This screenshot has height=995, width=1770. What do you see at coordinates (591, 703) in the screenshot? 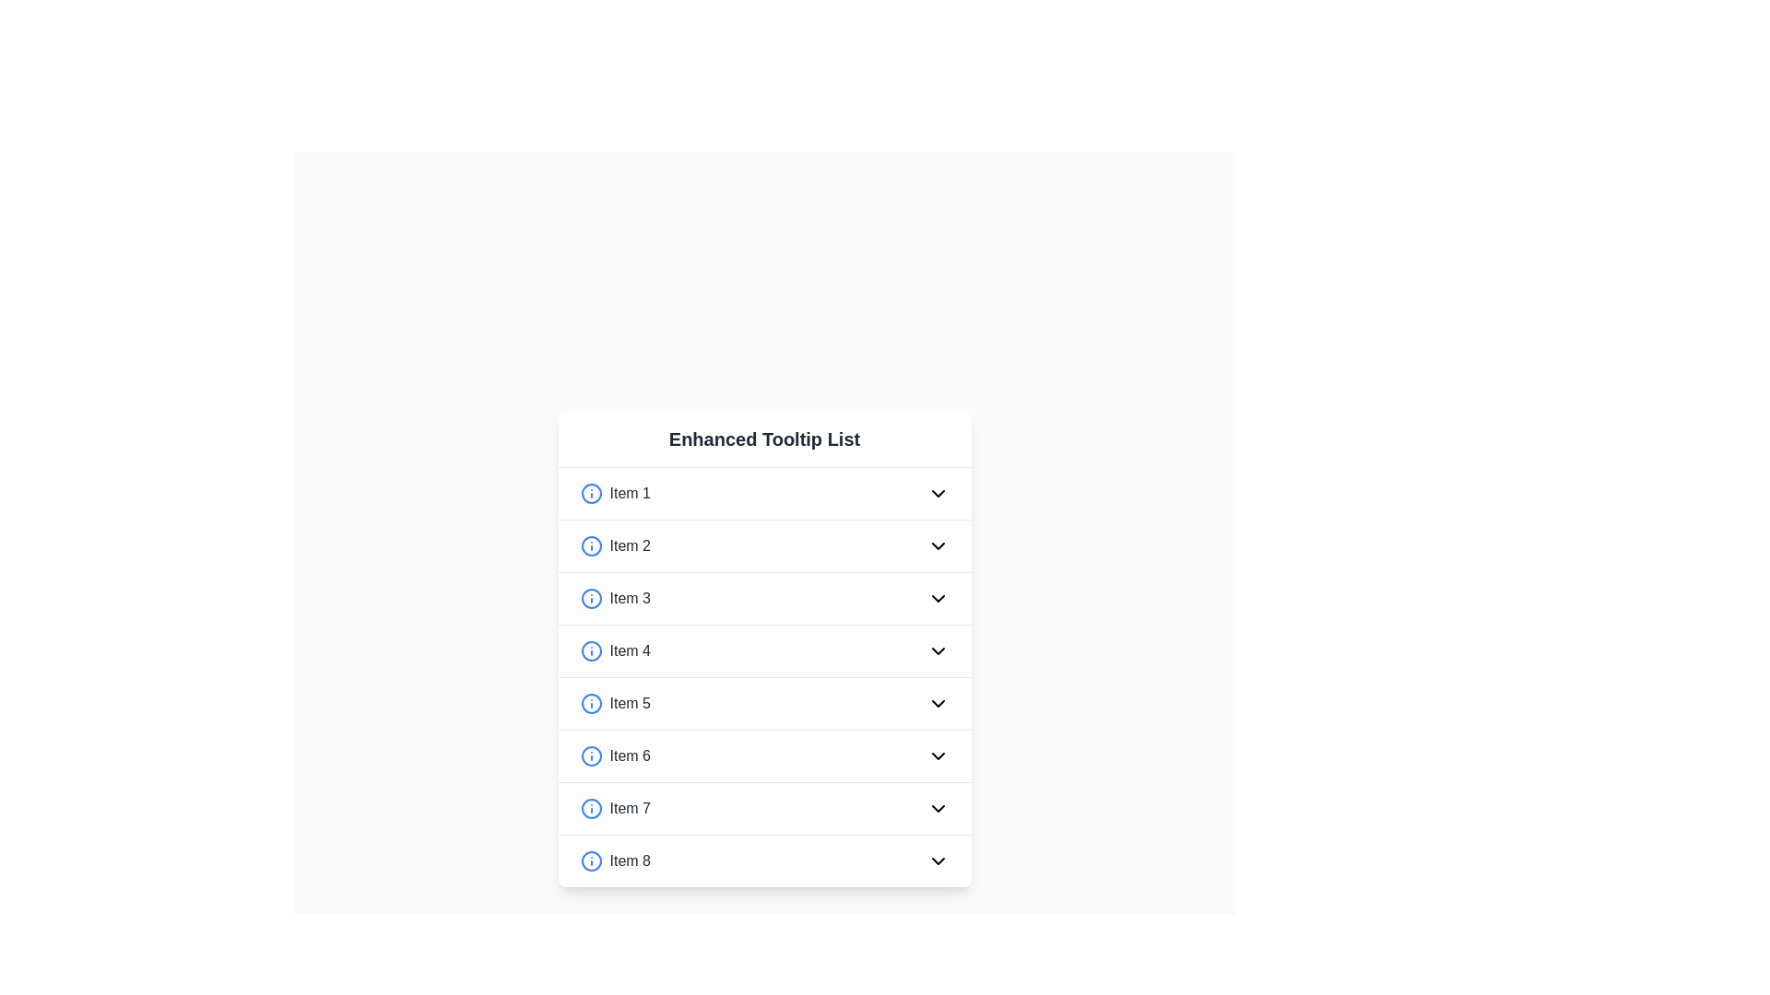
I see `the information icon located to the left of 'Item 5' in the interactive list, which provides additional information or a tooltip` at bounding box center [591, 703].